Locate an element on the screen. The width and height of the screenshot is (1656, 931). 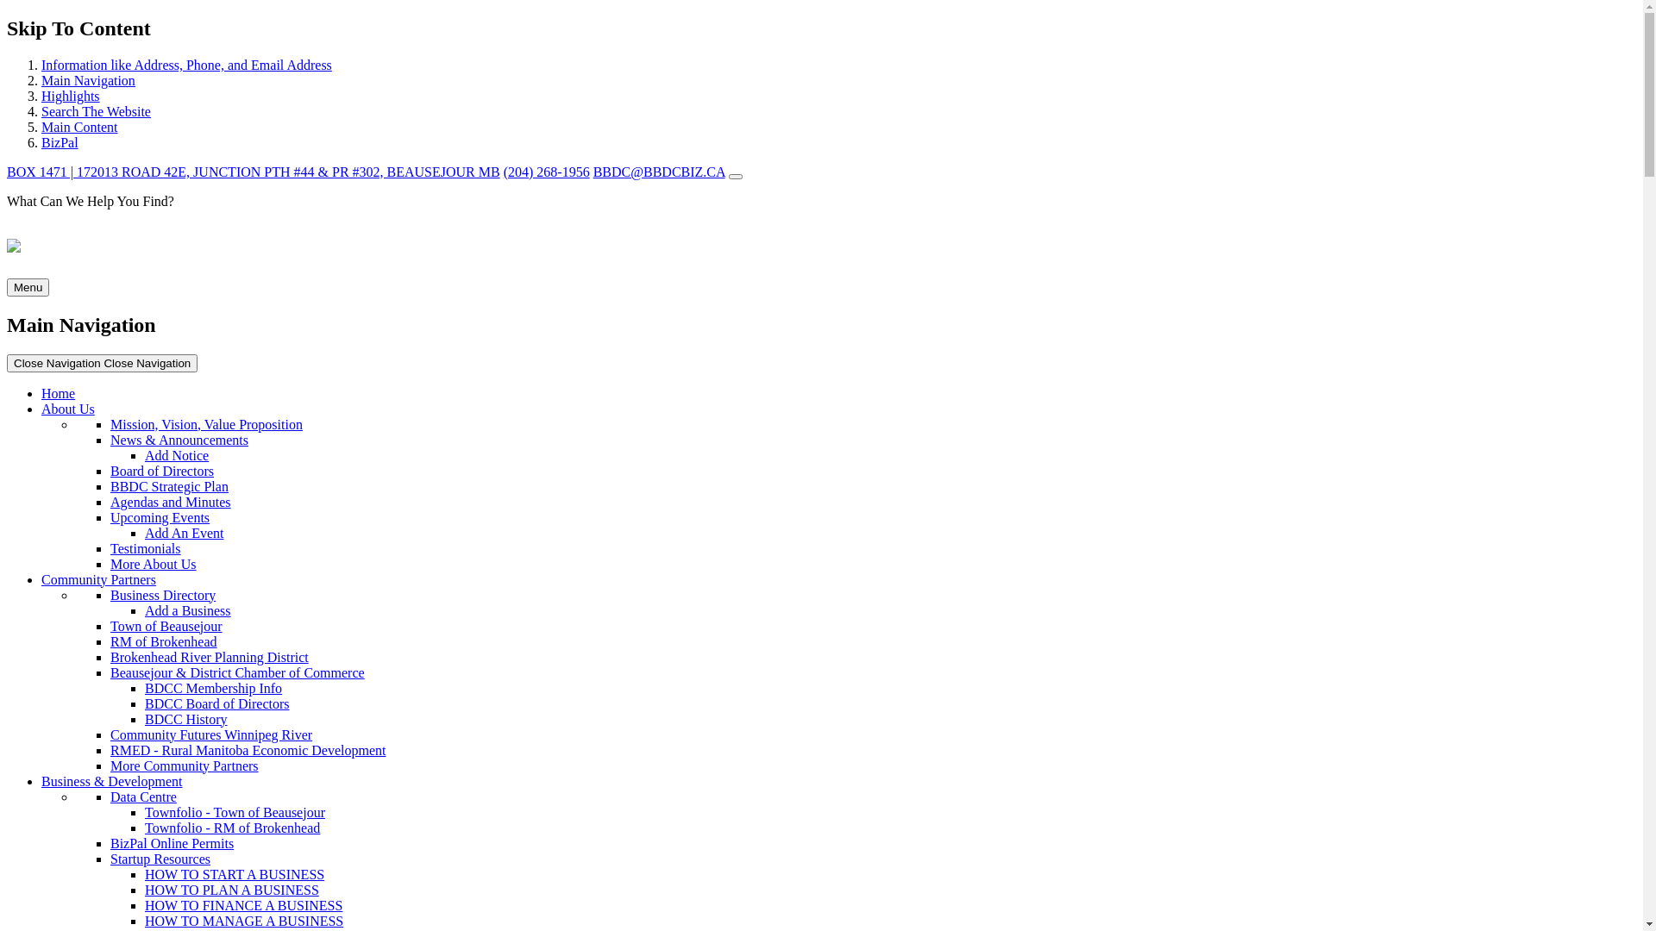
'HOW TO PLAN A BUSINESS' is located at coordinates (230, 890).